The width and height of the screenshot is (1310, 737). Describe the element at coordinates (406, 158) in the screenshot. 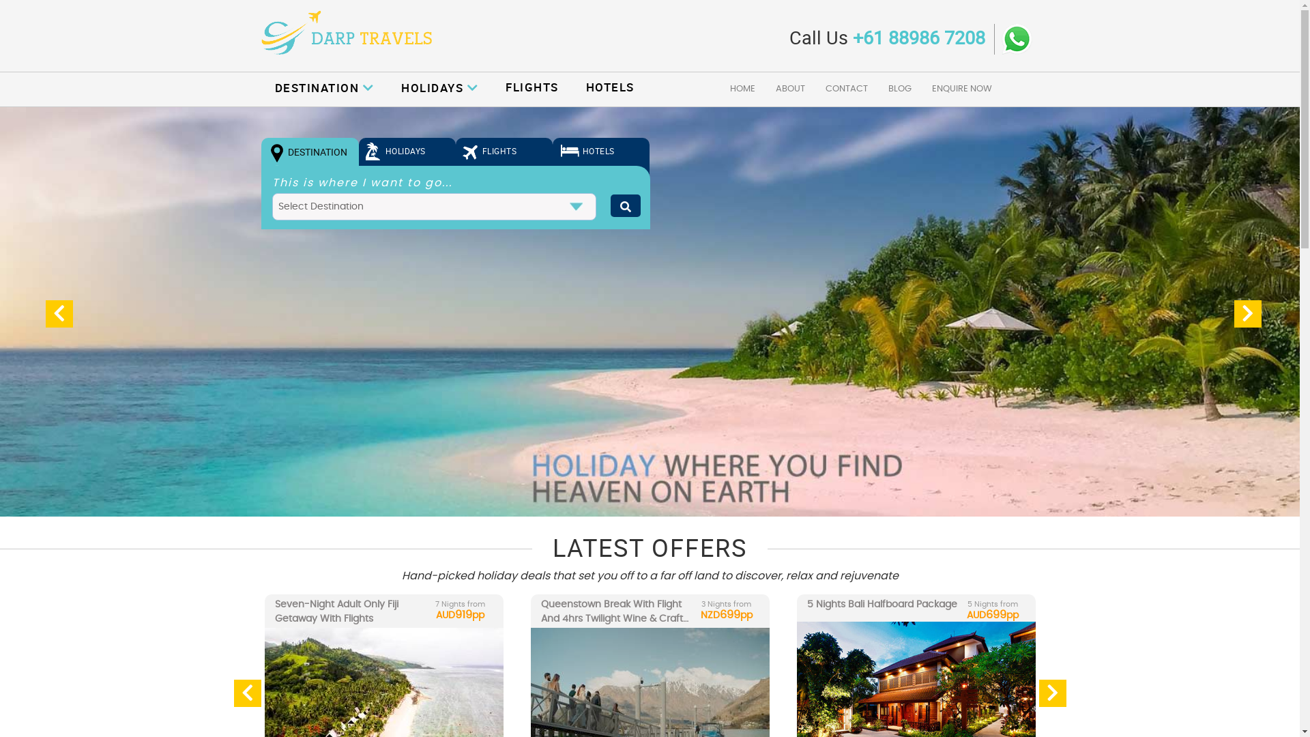

I see `'HOLIDAYS'` at that location.